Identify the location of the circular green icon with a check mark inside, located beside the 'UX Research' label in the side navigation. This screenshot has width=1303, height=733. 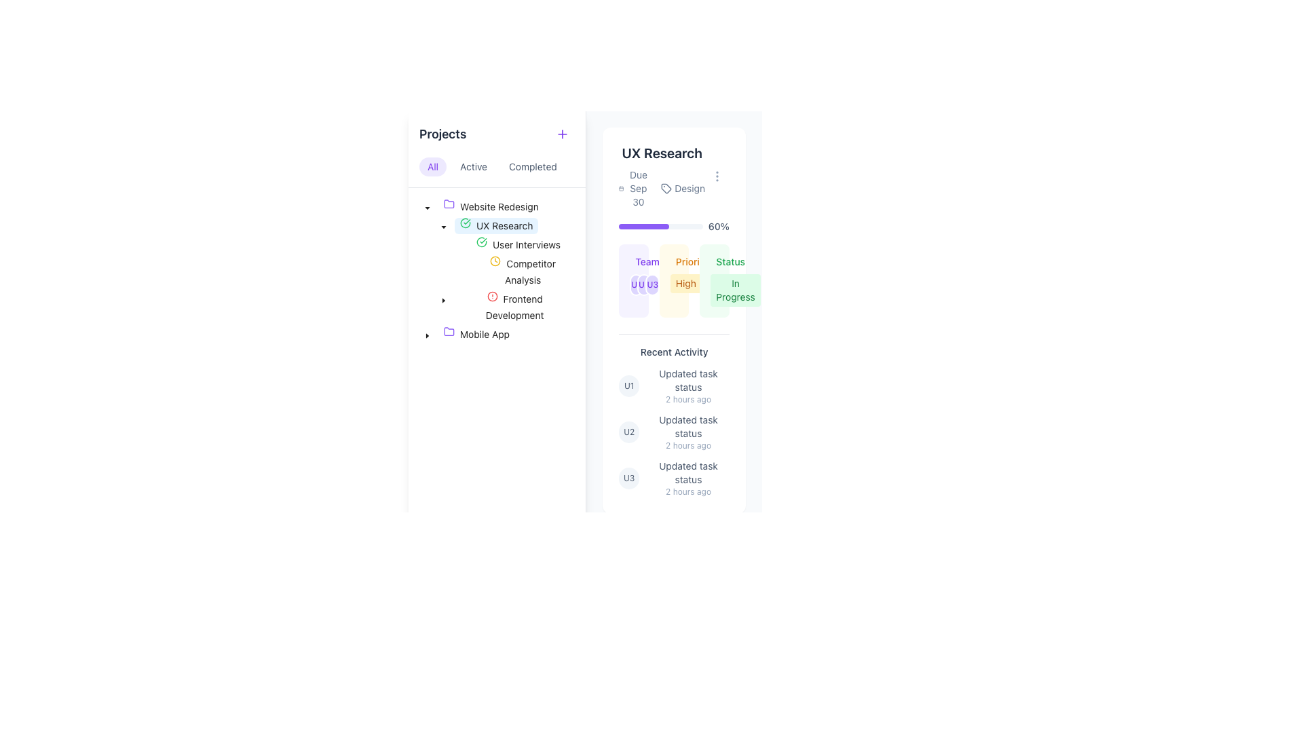
(466, 222).